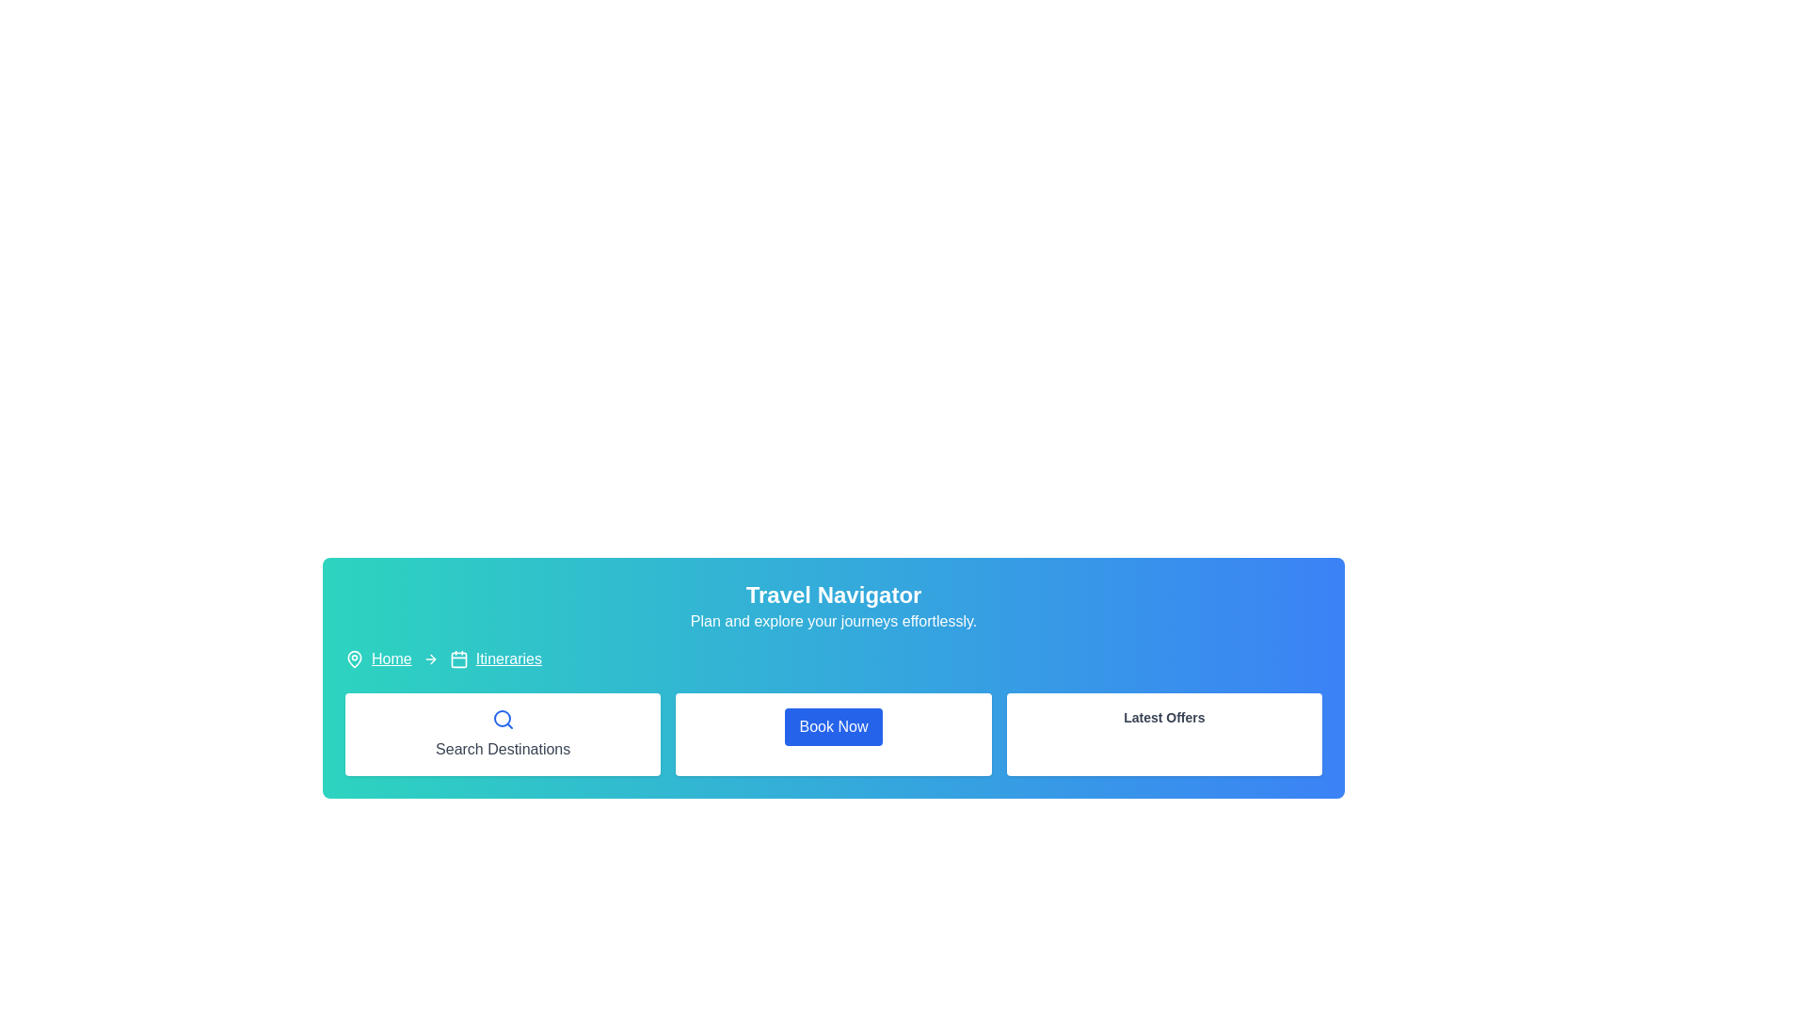 The image size is (1807, 1016). I want to click on the arrow icon in the breadcrumb navigation bar, which visually separates the 'Home' and 'Itineraries' links, so click(429, 659).